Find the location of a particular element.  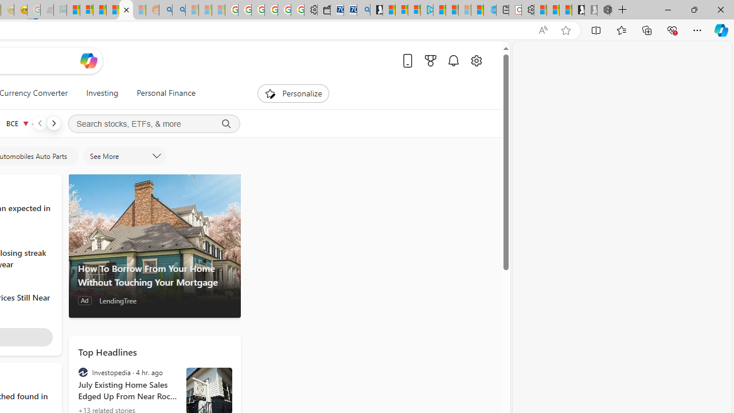

'Personalize' is located at coordinates (294, 93).